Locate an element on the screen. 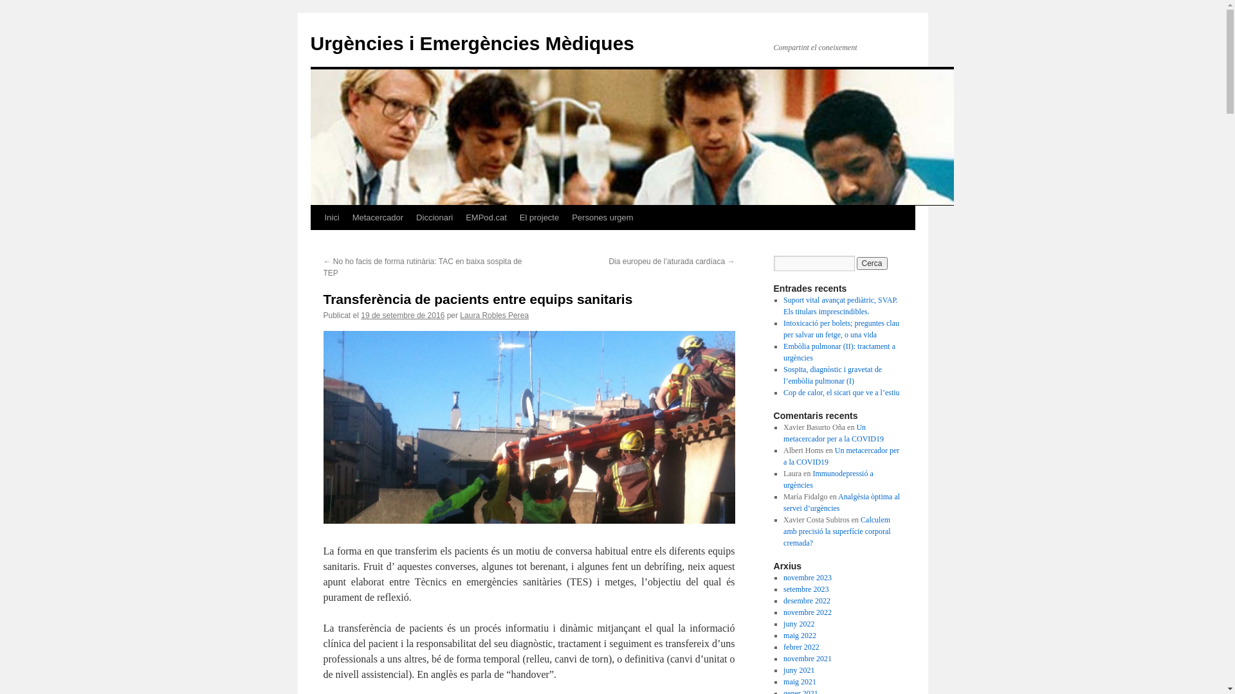 The image size is (1235, 694). 'Metacercador' is located at coordinates (377, 217).